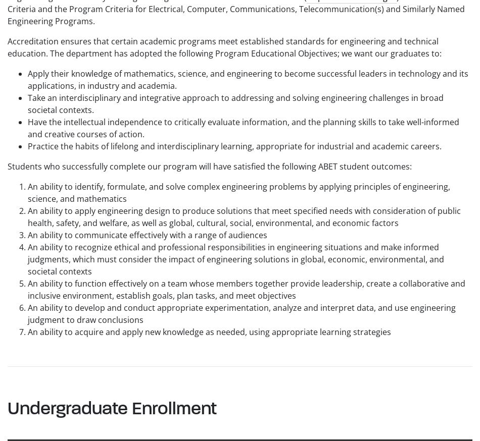  What do you see at coordinates (28, 289) in the screenshot?
I see `'An ability to function effectively on a team whose members together provide leadership, create a collaborative and inclusive environment, establish goals, plan tasks, and meet objectives'` at bounding box center [28, 289].